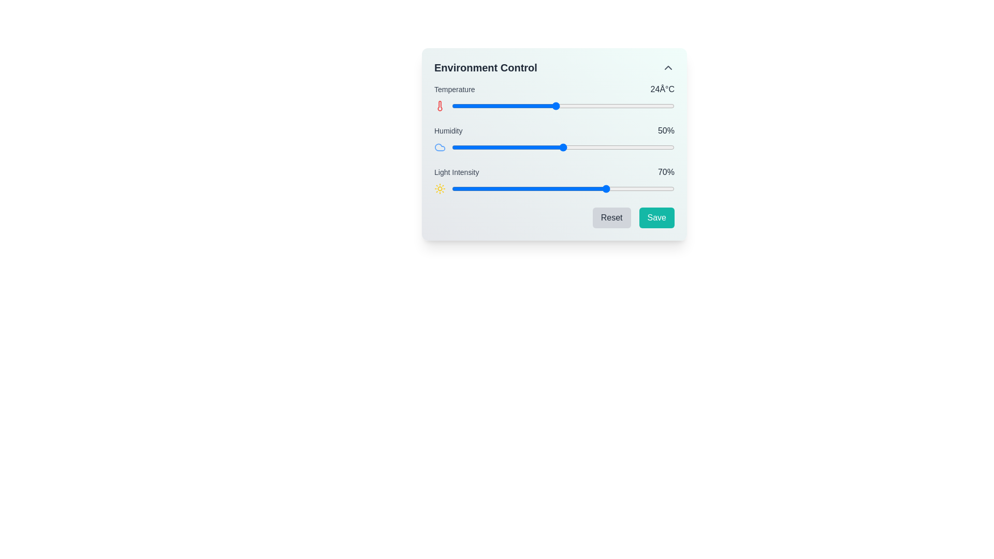 The height and width of the screenshot is (559, 994). What do you see at coordinates (668, 68) in the screenshot?
I see `the toggle button at the top-right corner of the 'Environment Control' section` at bounding box center [668, 68].